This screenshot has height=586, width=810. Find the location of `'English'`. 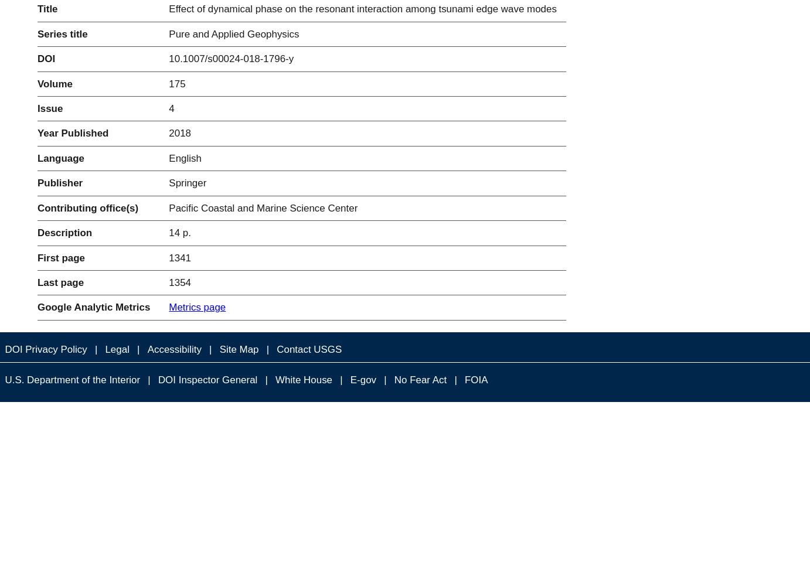

'English' is located at coordinates (184, 158).